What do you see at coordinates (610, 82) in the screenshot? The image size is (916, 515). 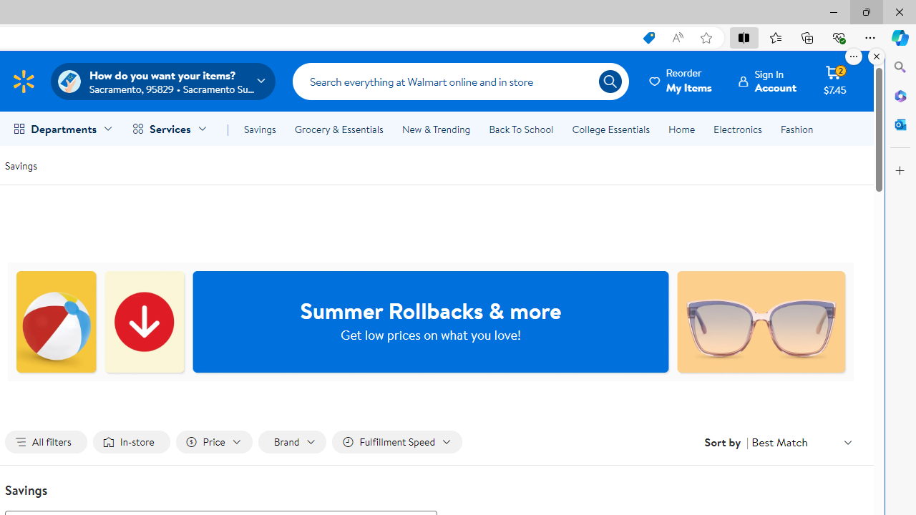 I see `'Search icon'` at bounding box center [610, 82].